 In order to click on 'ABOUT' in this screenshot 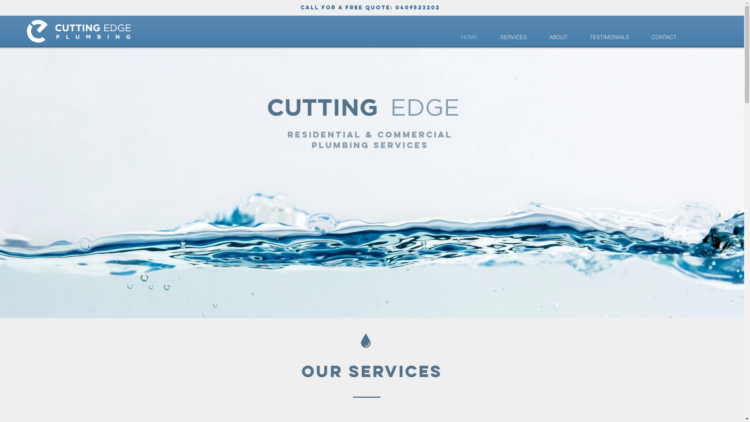, I will do `click(558, 37)`.